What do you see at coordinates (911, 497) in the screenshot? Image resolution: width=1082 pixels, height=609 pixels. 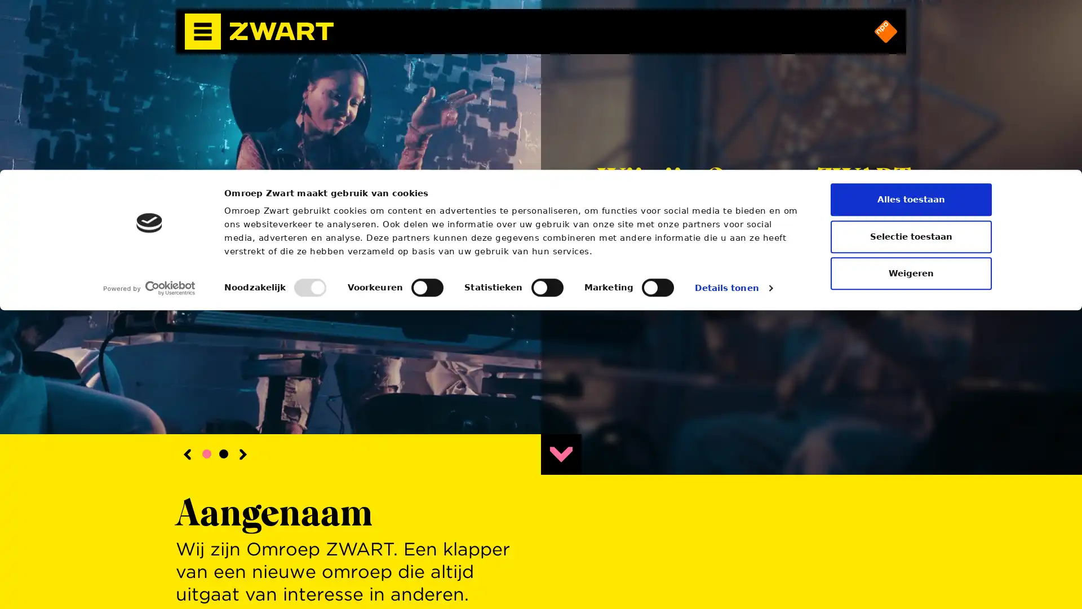 I see `Alles toestaan` at bounding box center [911, 497].